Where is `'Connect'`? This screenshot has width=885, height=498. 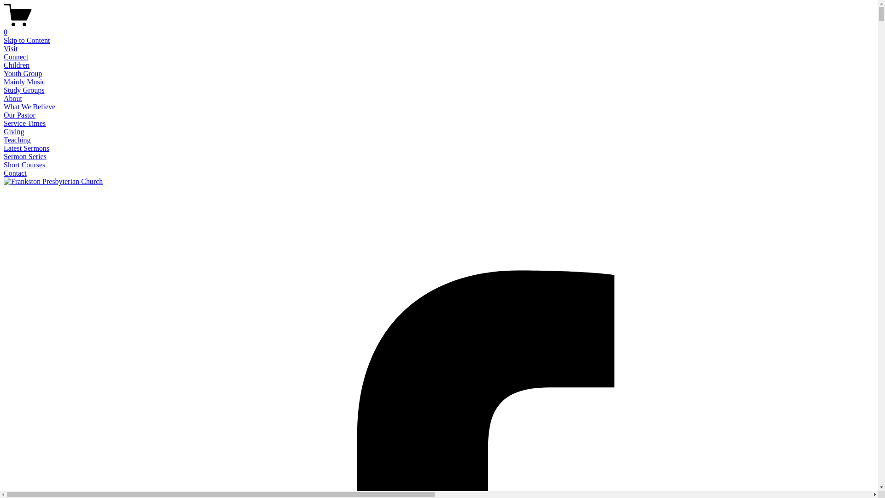
'Connect' is located at coordinates (4, 57).